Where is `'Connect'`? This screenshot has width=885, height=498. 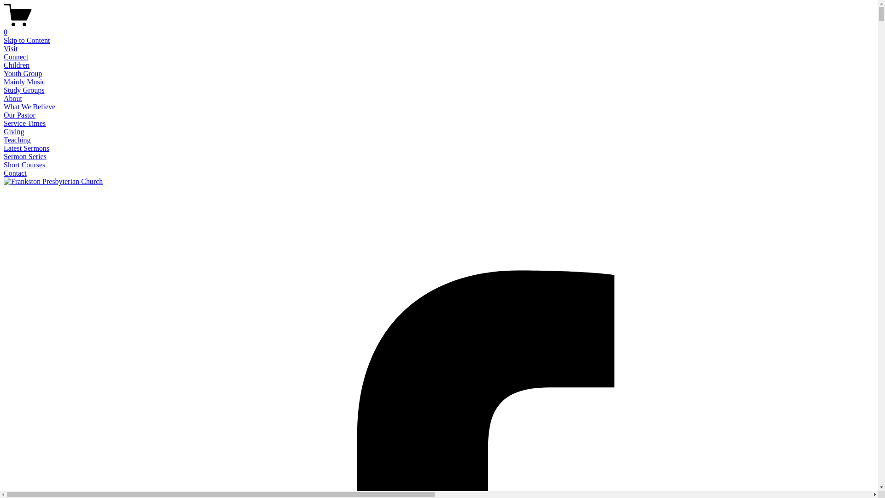
'Connect' is located at coordinates (4, 57).